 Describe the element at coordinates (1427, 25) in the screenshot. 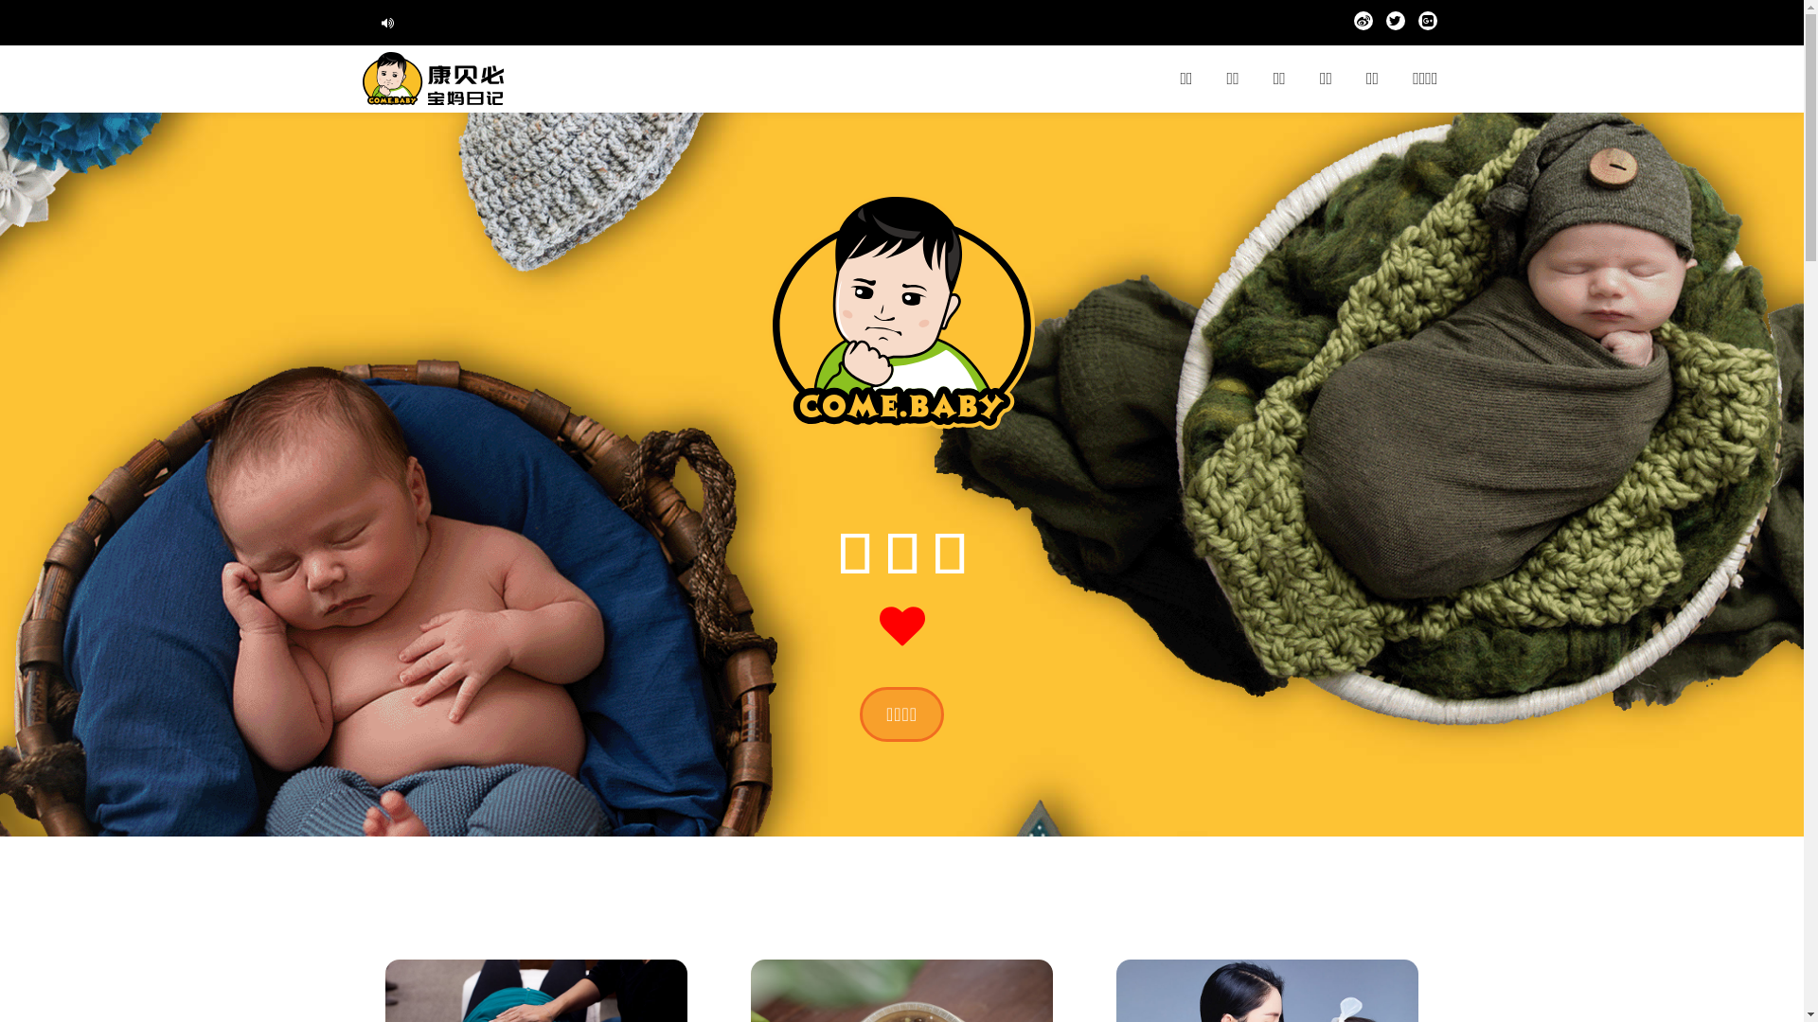

I see `'fa-google-plus-square'` at that location.